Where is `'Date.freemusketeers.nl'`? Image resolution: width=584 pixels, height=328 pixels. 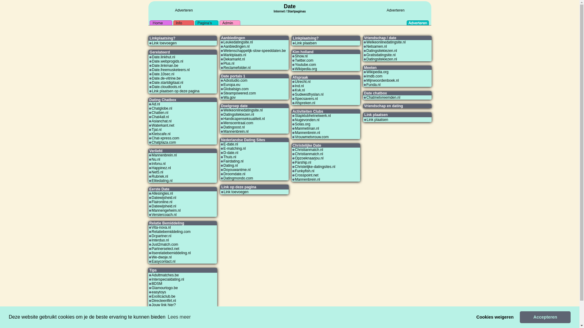
'Date.freemusketeers.nl' is located at coordinates (170, 70).